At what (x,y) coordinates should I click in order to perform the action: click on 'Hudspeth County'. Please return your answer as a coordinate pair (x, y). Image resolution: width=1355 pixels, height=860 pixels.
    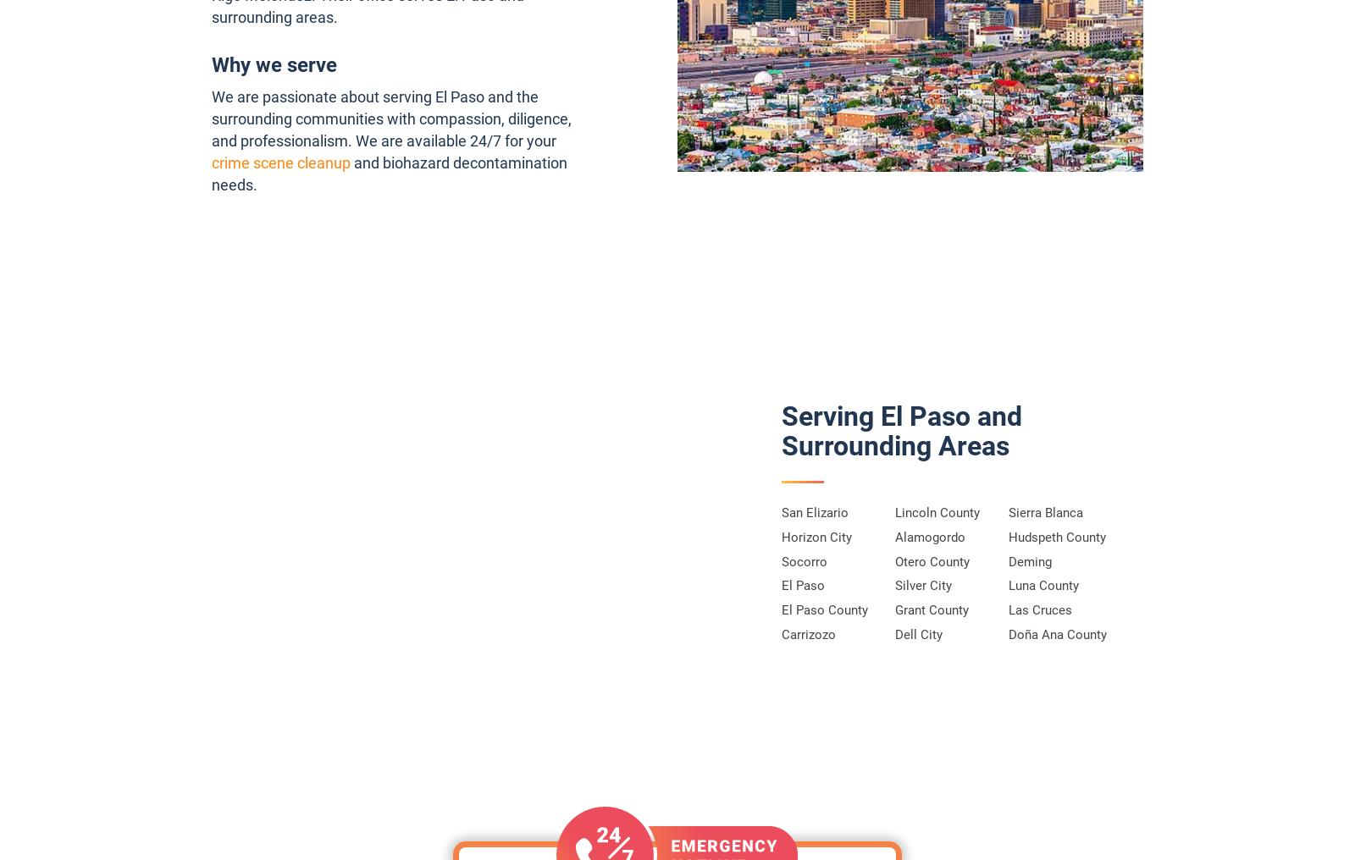
    Looking at the image, I should click on (1009, 536).